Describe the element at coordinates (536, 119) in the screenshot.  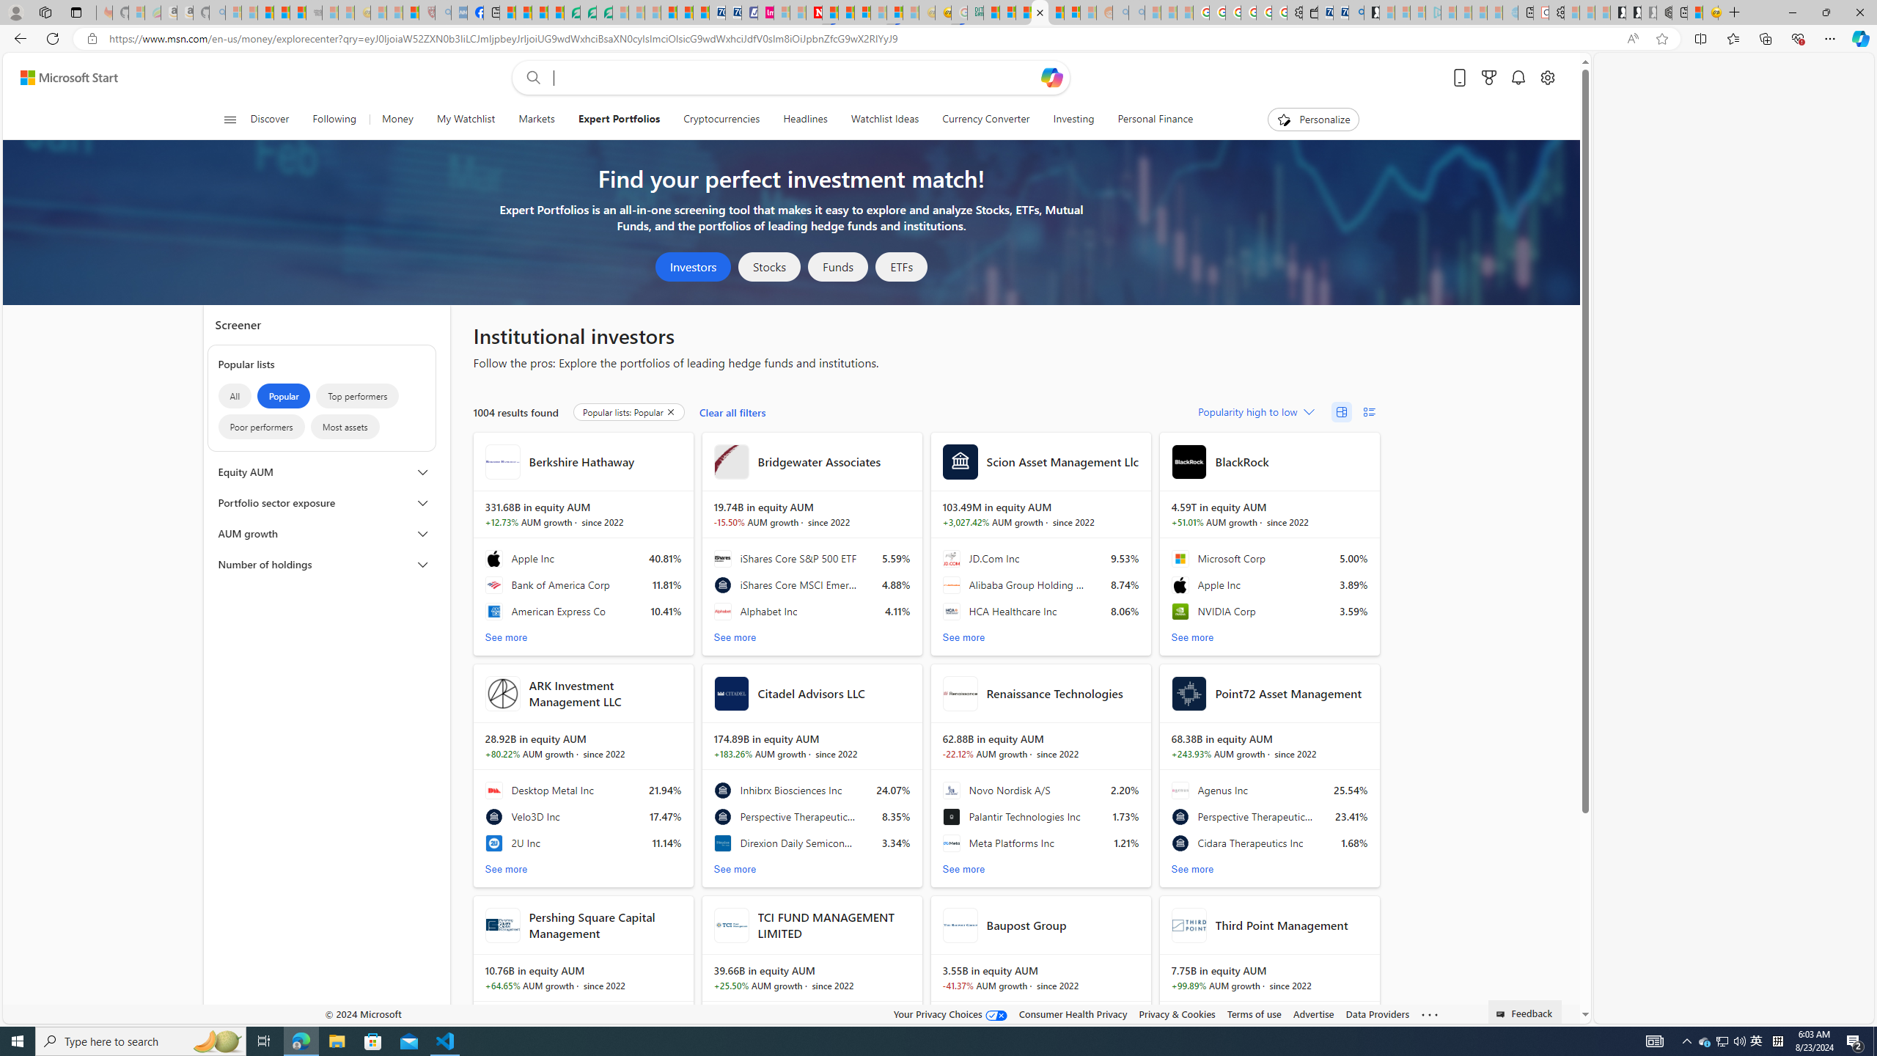
I see `'Markets'` at that location.